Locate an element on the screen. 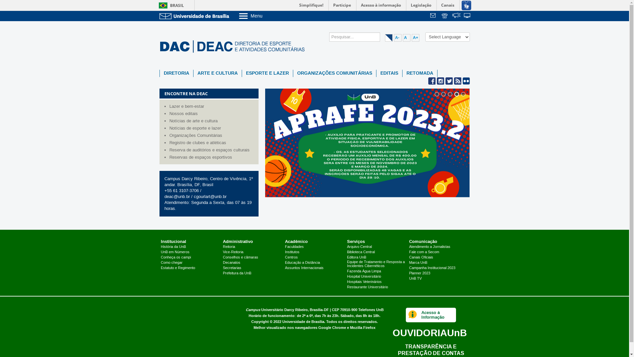 Image resolution: width=634 pixels, height=357 pixels. 'Assuntos Internacionais' is located at coordinates (304, 268).